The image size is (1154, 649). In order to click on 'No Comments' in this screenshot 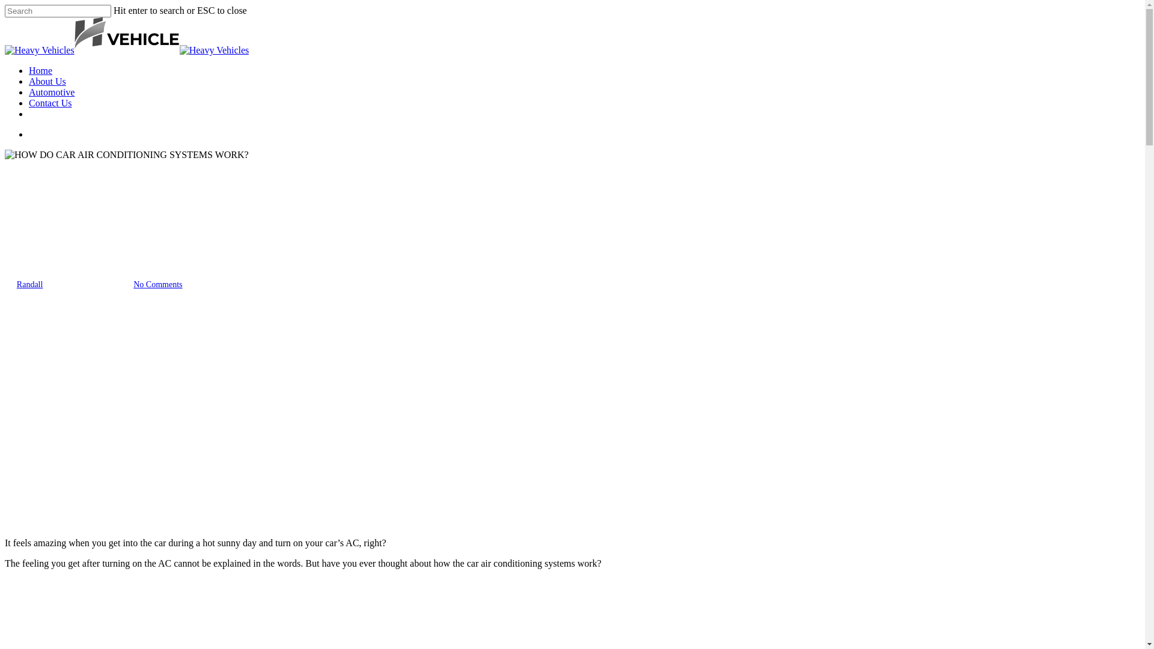, I will do `click(157, 284)`.